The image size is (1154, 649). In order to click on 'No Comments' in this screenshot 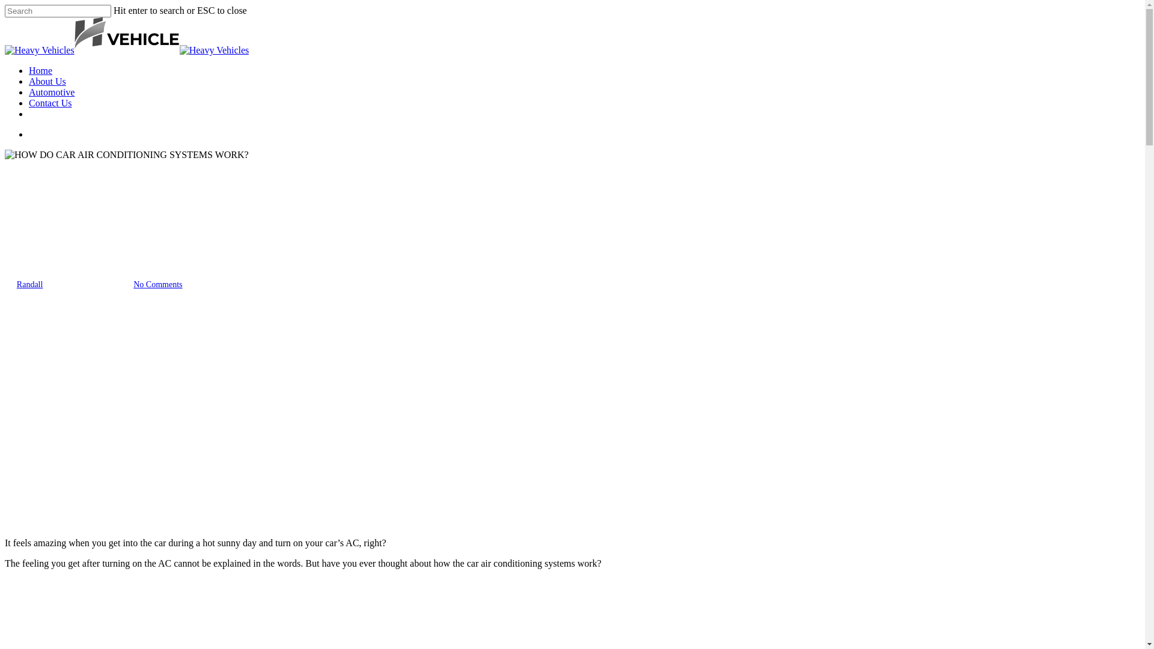, I will do `click(157, 284)`.